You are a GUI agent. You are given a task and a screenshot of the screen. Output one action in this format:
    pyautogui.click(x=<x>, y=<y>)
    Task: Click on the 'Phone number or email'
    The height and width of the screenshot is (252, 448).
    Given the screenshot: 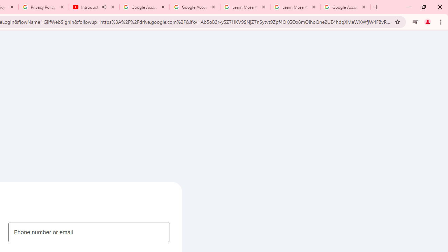 What is the action you would take?
    pyautogui.click(x=89, y=232)
    